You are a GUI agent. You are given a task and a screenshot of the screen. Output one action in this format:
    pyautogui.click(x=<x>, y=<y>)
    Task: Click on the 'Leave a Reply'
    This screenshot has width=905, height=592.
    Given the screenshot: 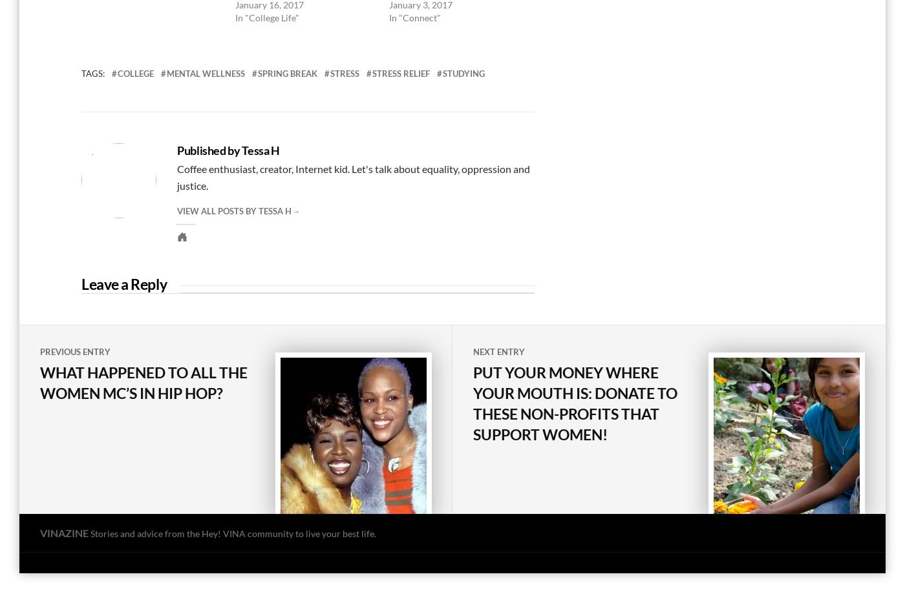 What is the action you would take?
    pyautogui.click(x=123, y=284)
    